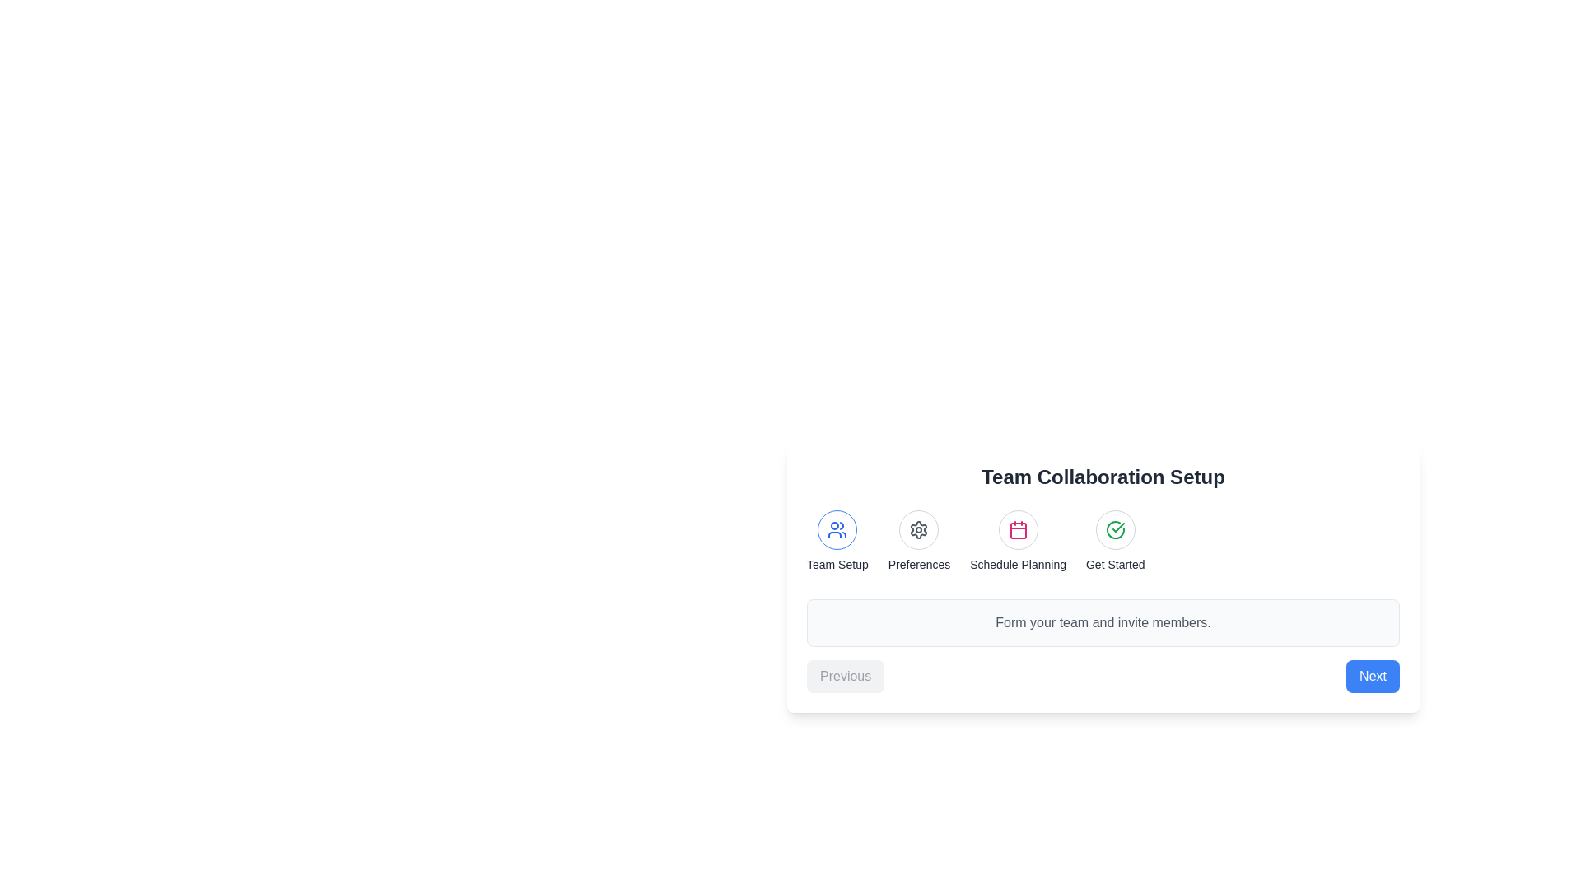 This screenshot has width=1581, height=889. What do you see at coordinates (846, 676) in the screenshot?
I see `the 'Previous' button with light gray text and rounded corners to receive additional feedback` at bounding box center [846, 676].